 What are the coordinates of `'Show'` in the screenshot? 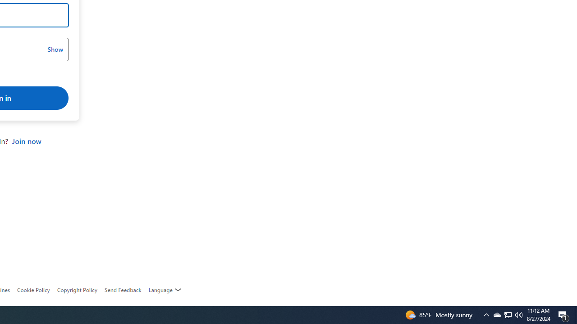 It's located at (55, 49).